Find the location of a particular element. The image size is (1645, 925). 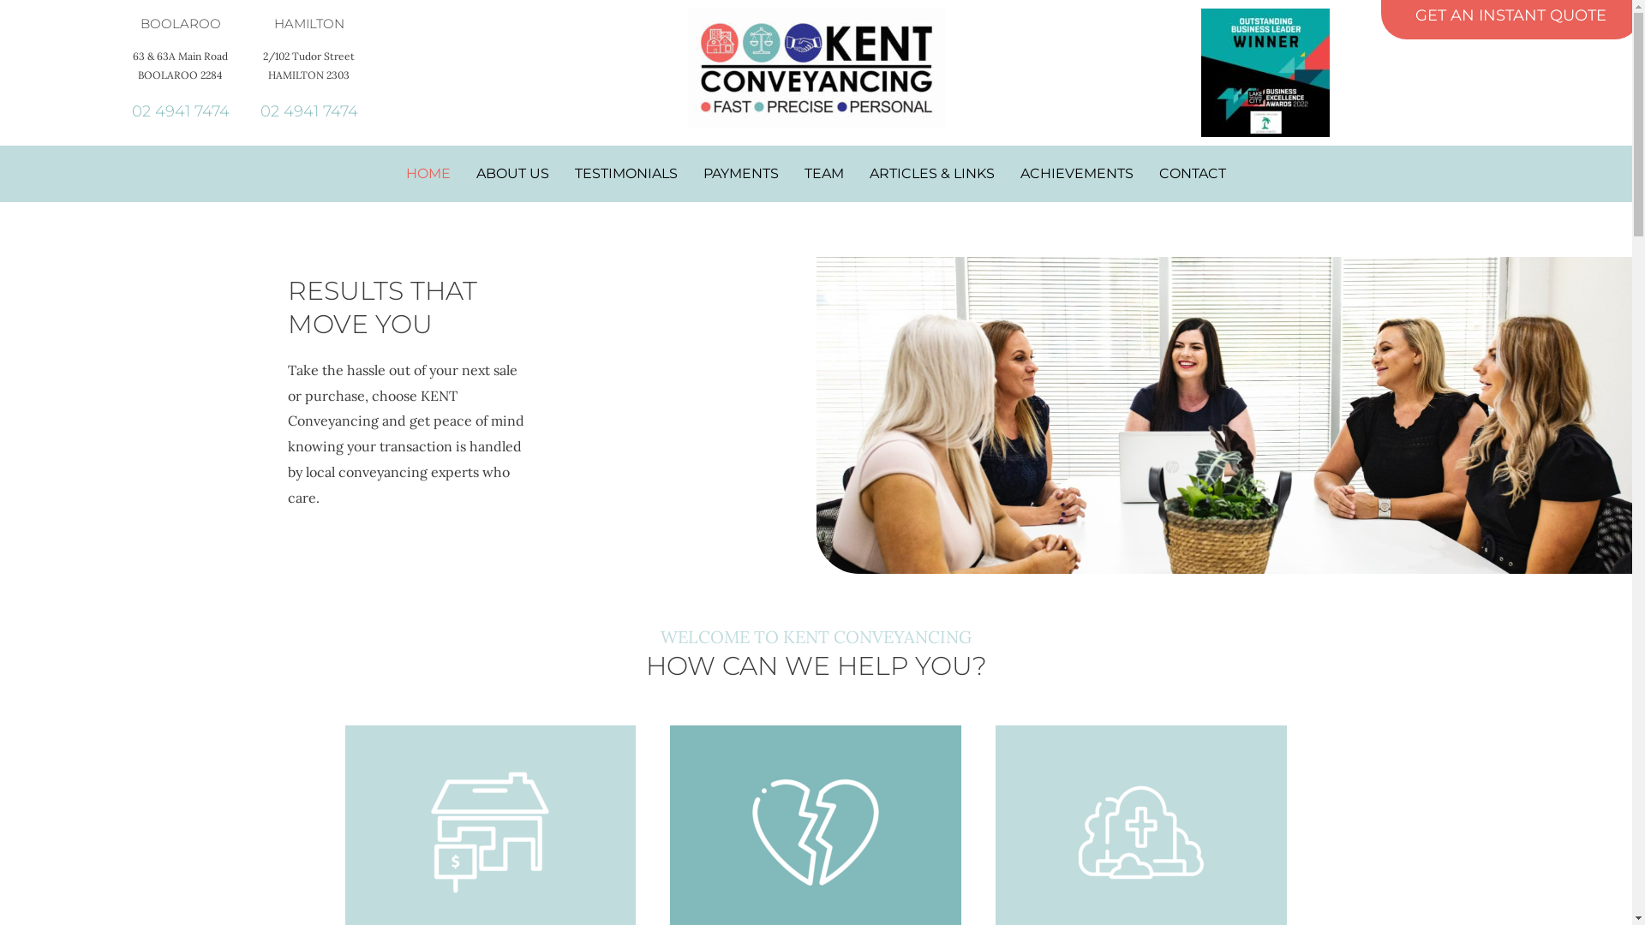

'TESTIMONIALS' is located at coordinates (625, 174).